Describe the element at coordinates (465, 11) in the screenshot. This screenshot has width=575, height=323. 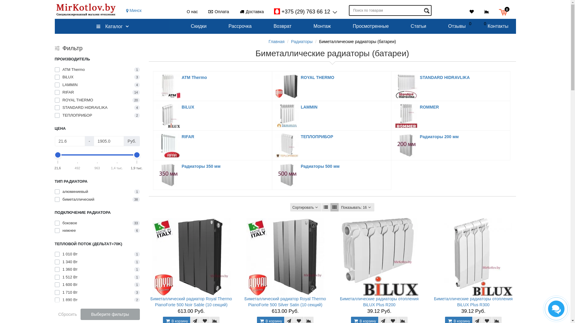
I see `'0'` at that location.